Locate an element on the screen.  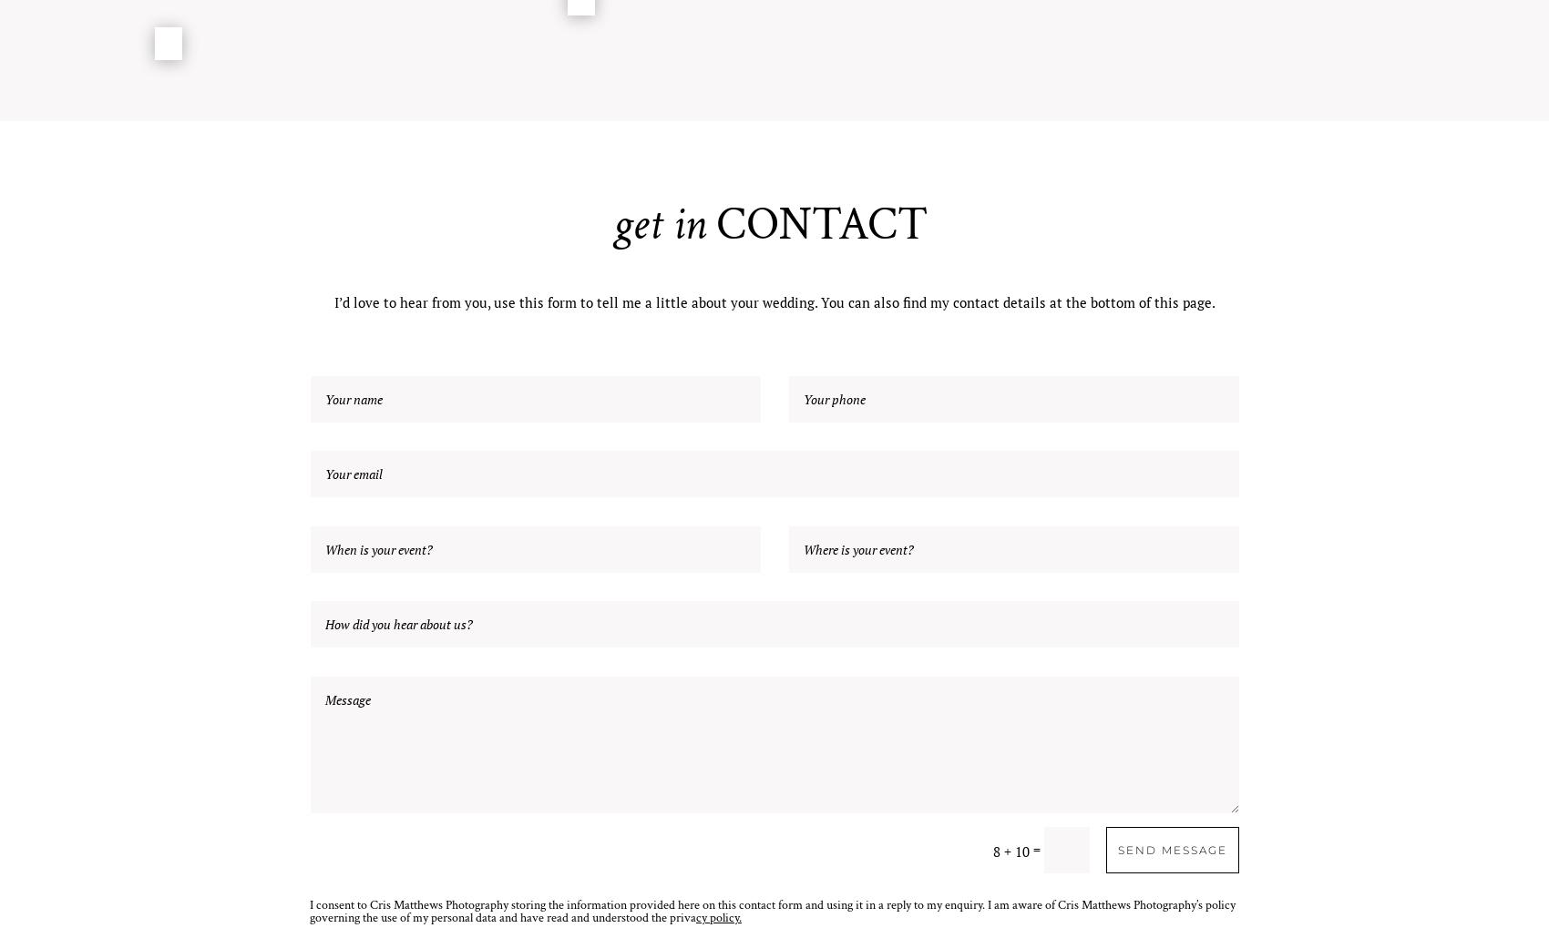
'get in' is located at coordinates (659, 225).